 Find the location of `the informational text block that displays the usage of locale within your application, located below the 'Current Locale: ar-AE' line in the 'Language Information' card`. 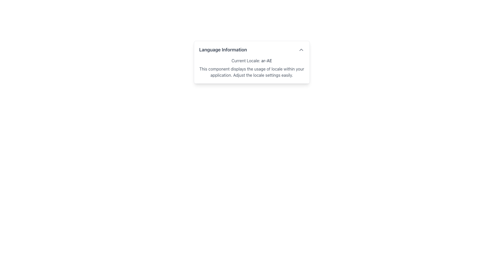

the informational text block that displays the usage of locale within your application, located below the 'Current Locale: ar-AE' line in the 'Language Information' card is located at coordinates (252, 72).